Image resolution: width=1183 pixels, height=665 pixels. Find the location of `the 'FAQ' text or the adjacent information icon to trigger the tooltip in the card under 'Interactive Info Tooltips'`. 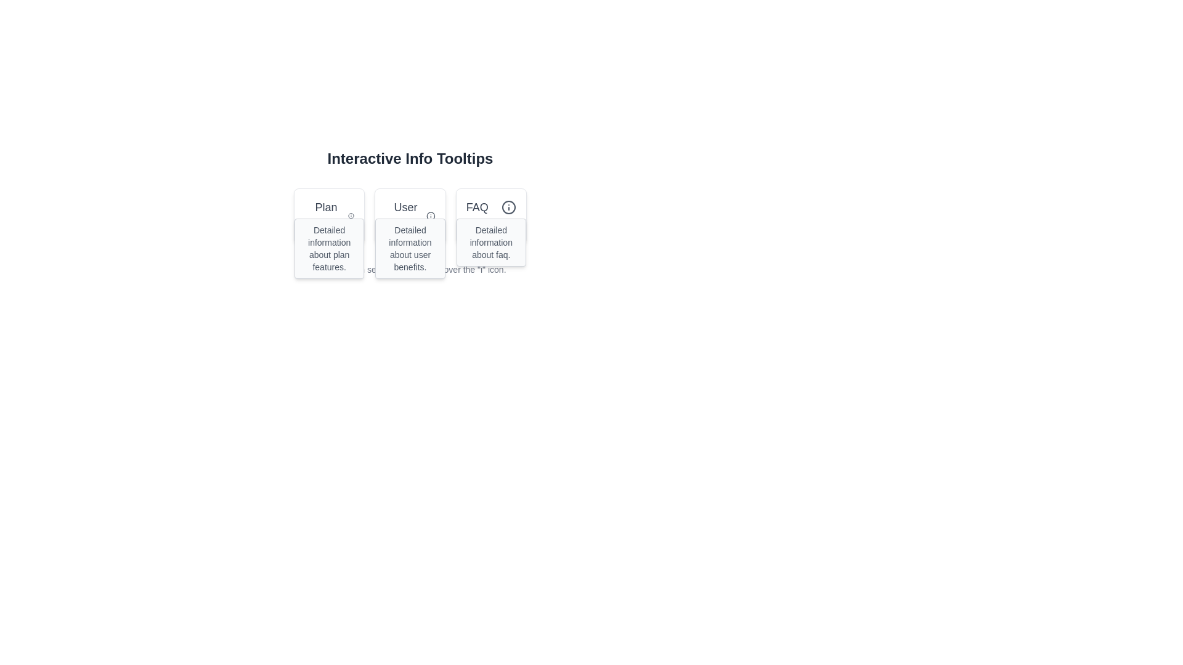

the 'FAQ' text or the adjacent information icon to trigger the tooltip in the card under 'Interactive Info Tooltips' is located at coordinates (490, 206).